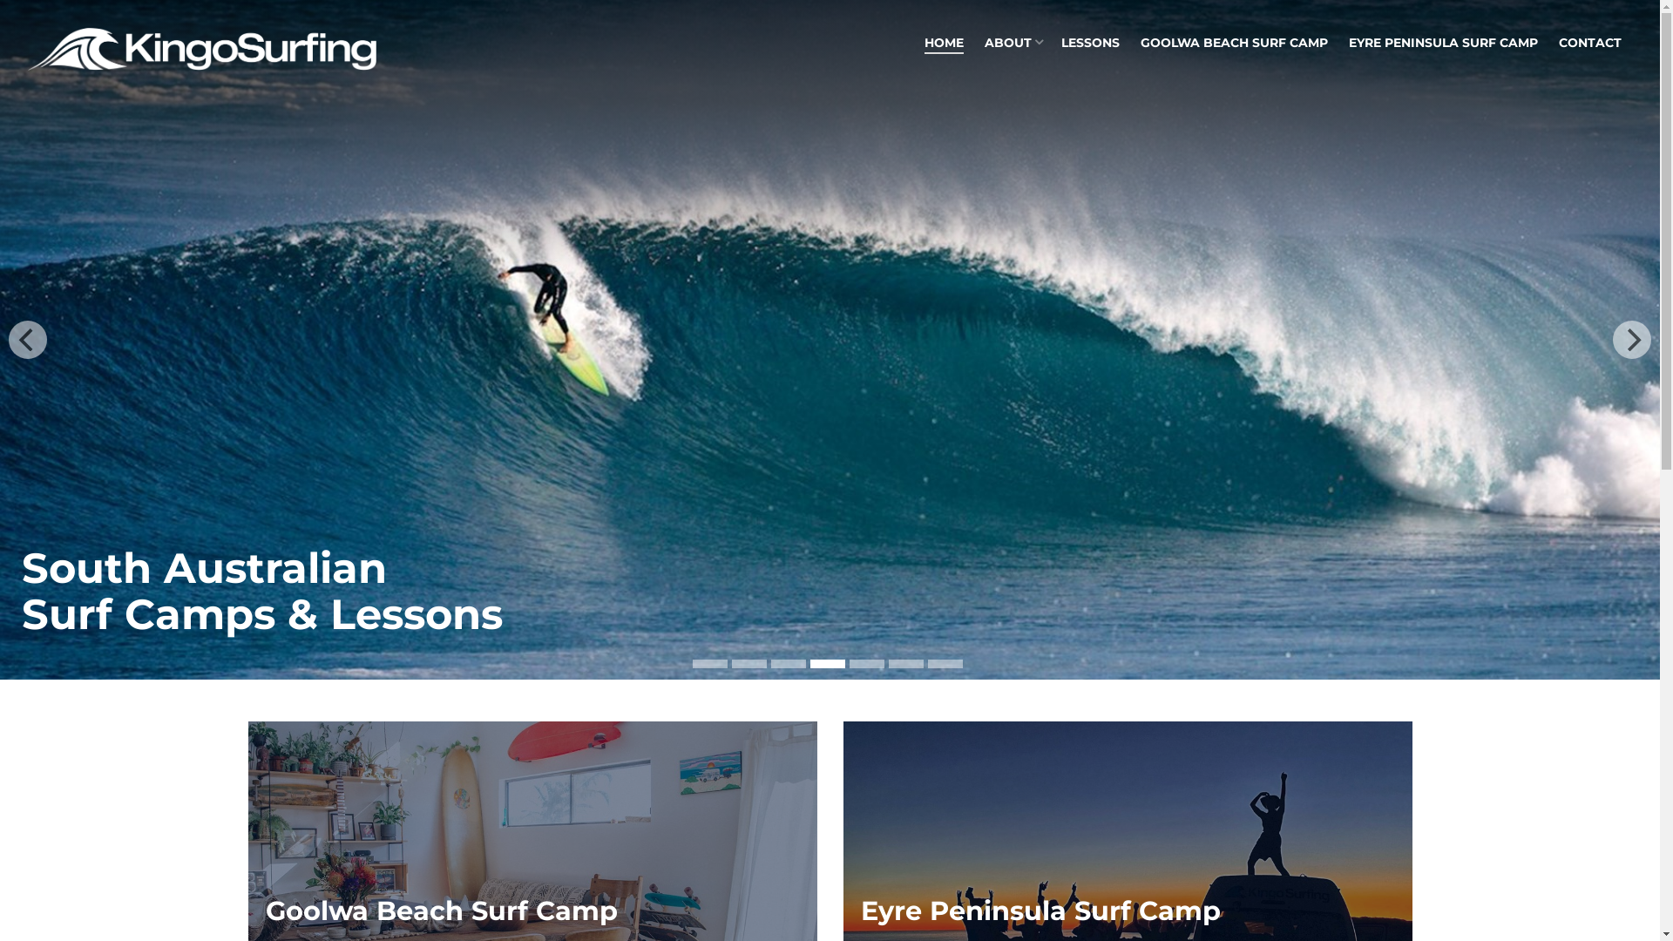  Describe the element at coordinates (1443, 42) in the screenshot. I see `'EYRE PENINSULA SURF CAMP'` at that location.